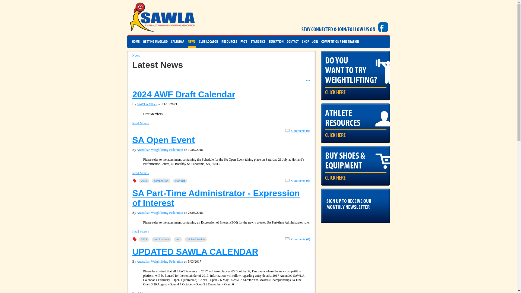  Describe the element at coordinates (173, 239) in the screenshot. I see `'eoi'` at that location.